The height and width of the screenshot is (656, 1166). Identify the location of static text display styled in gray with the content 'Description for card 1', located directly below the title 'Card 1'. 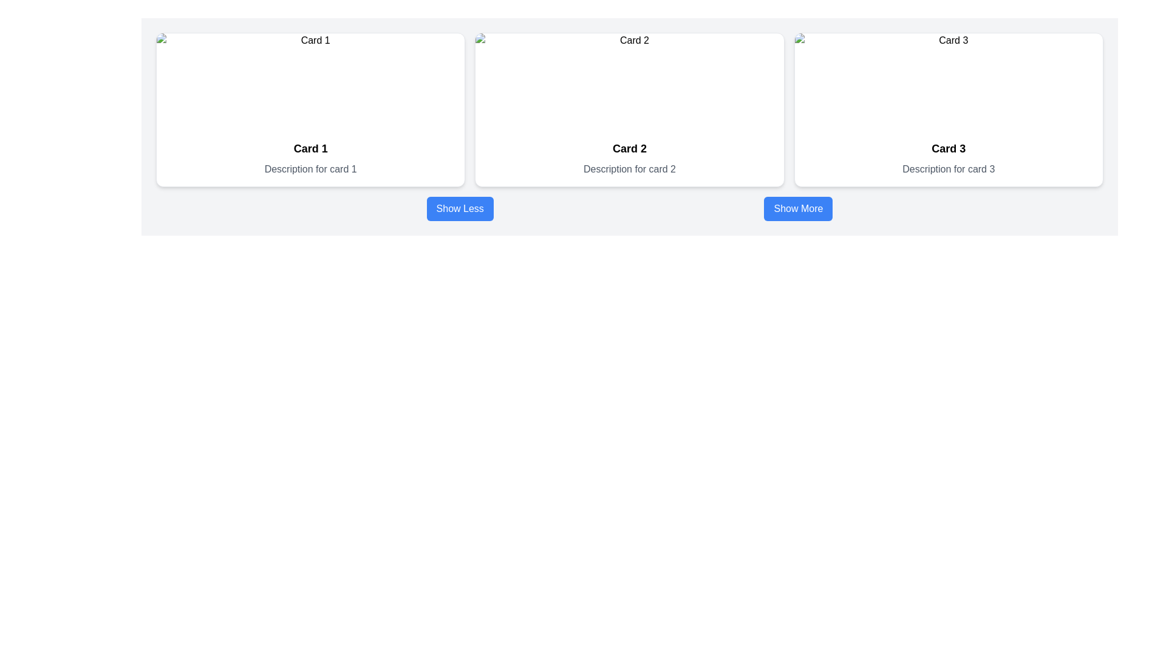
(310, 169).